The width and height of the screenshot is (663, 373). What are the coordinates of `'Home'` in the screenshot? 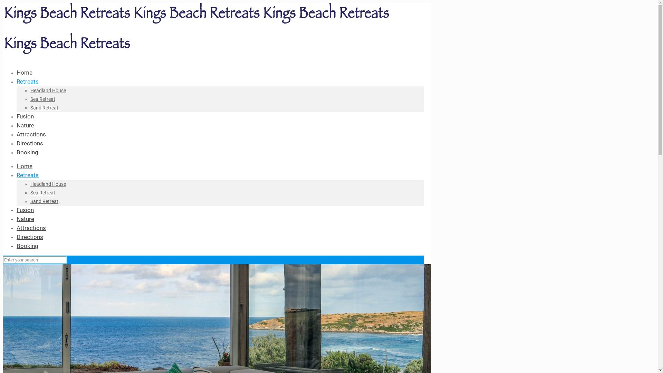 It's located at (25, 166).